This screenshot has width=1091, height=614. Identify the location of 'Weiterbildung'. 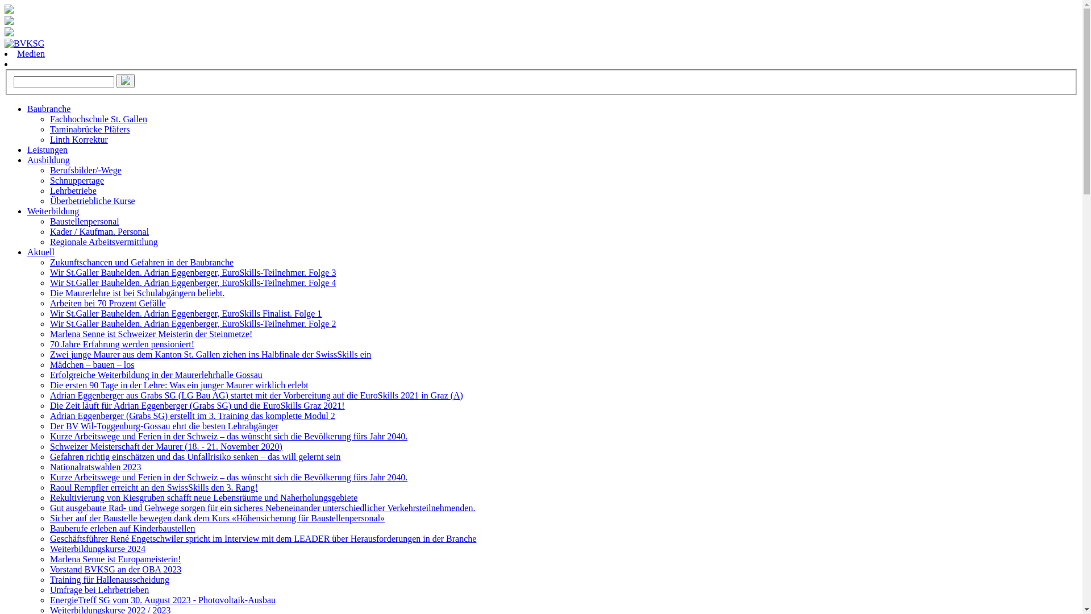
(52, 211).